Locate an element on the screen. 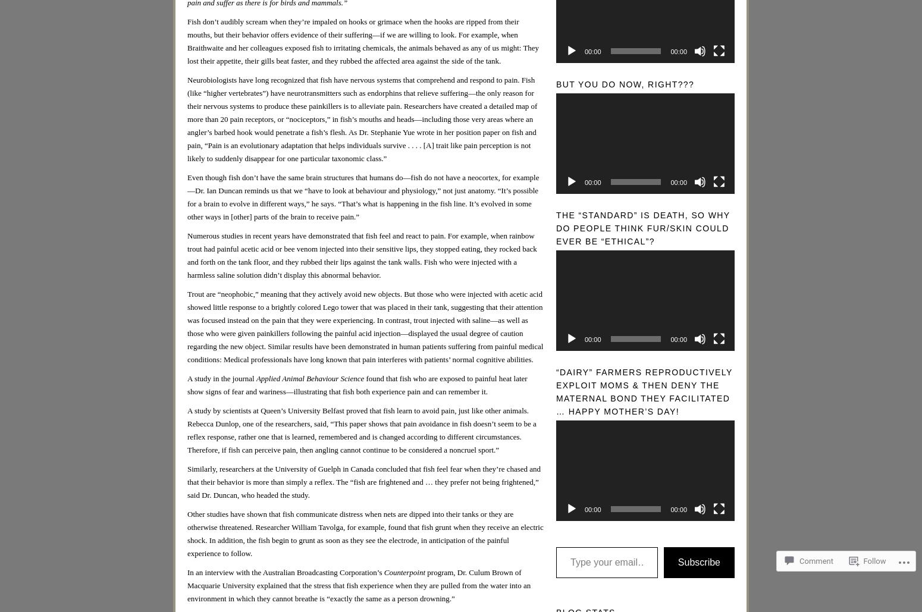 This screenshot has width=922, height=612. 'Comment' is located at coordinates (816, 561).